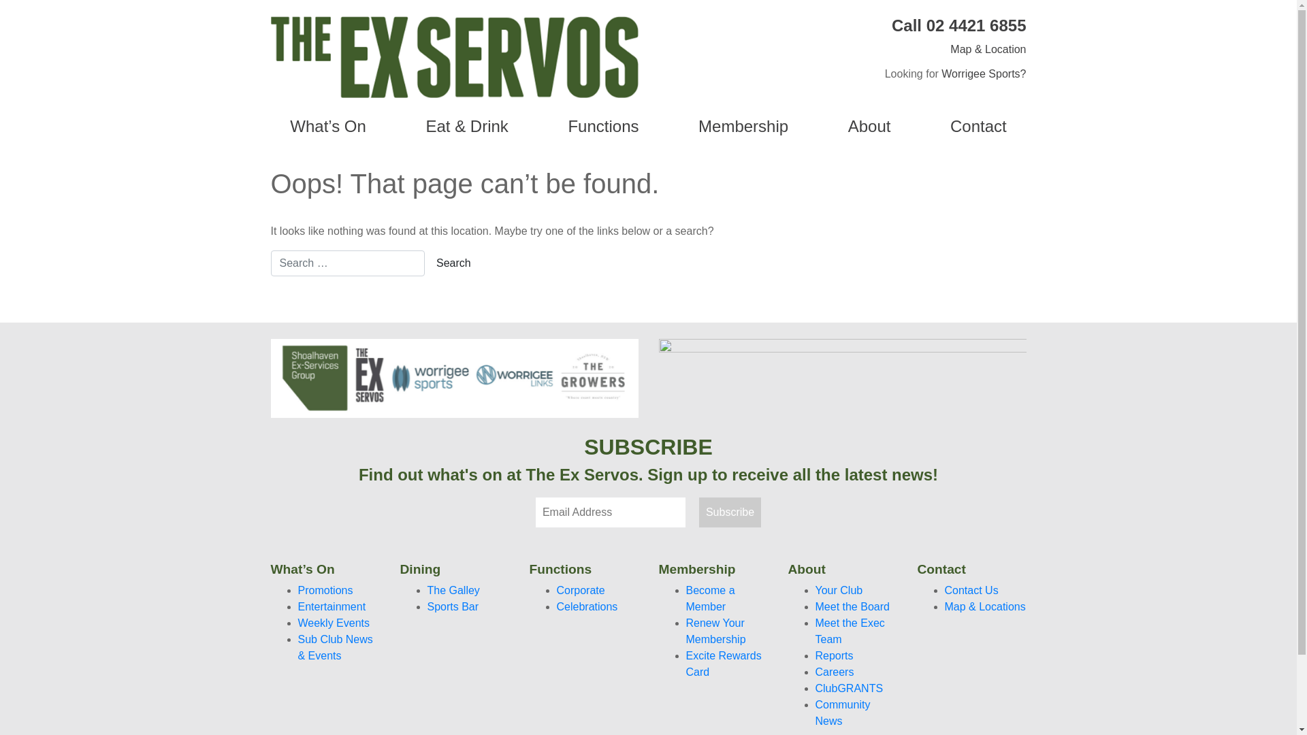 Image resolution: width=1307 pixels, height=735 pixels. What do you see at coordinates (834, 671) in the screenshot?
I see `'Careers'` at bounding box center [834, 671].